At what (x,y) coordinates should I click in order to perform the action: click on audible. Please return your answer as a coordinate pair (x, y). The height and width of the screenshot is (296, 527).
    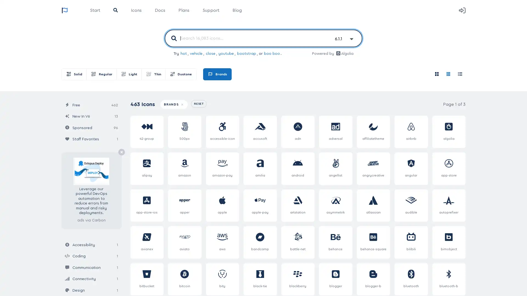
    Looking at the image, I should click on (411, 209).